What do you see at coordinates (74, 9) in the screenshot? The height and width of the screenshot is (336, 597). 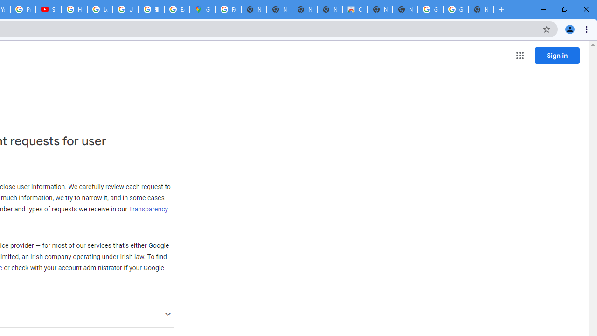 I see `'How Chrome protects your passwords - Google Chrome Help'` at bounding box center [74, 9].